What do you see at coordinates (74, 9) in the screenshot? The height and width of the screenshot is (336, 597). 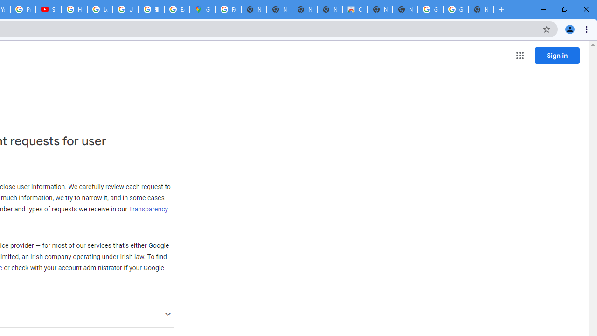 I see `'How Chrome protects your passwords - Google Chrome Help'` at bounding box center [74, 9].